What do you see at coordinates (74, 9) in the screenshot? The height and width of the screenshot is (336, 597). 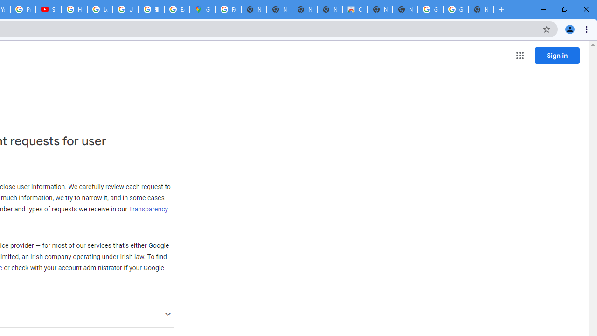 I see `'How Chrome protects your passwords - Google Chrome Help'` at bounding box center [74, 9].